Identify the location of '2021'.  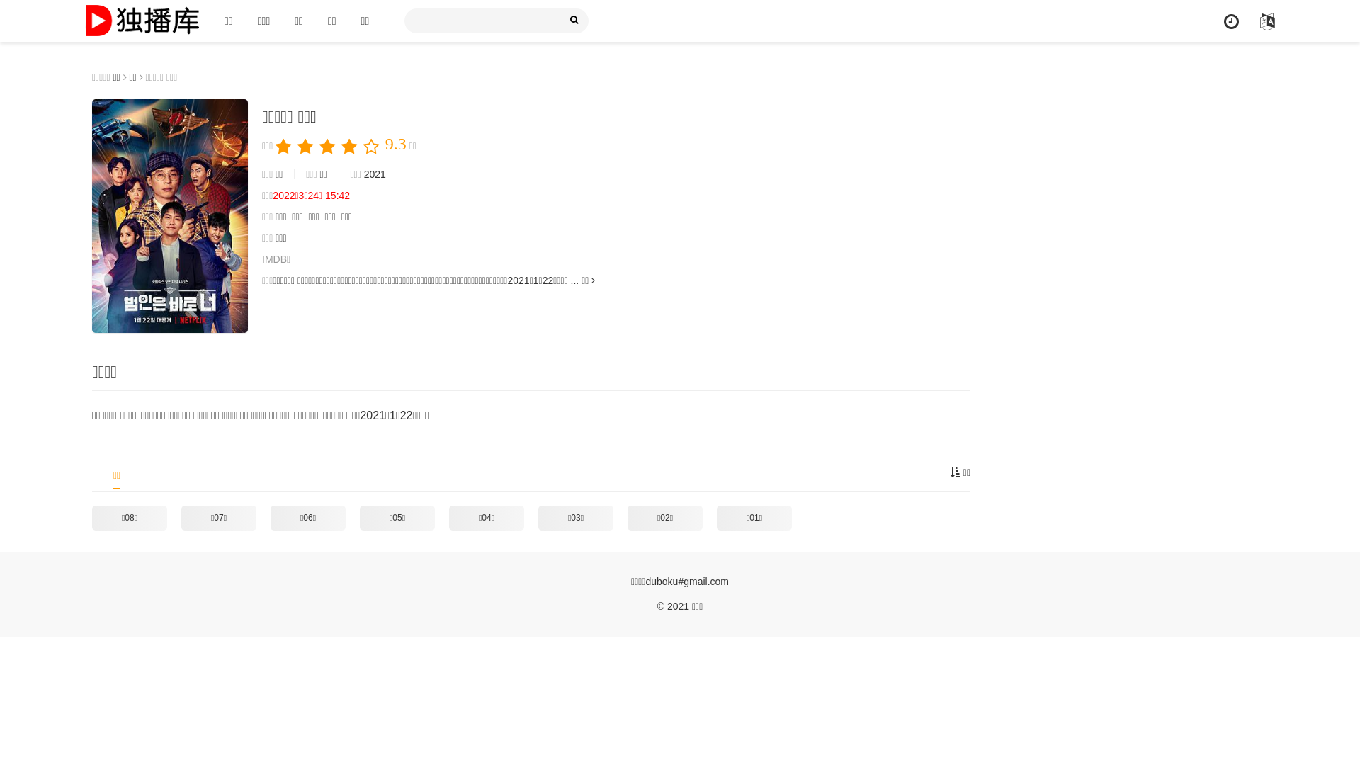
(375, 174).